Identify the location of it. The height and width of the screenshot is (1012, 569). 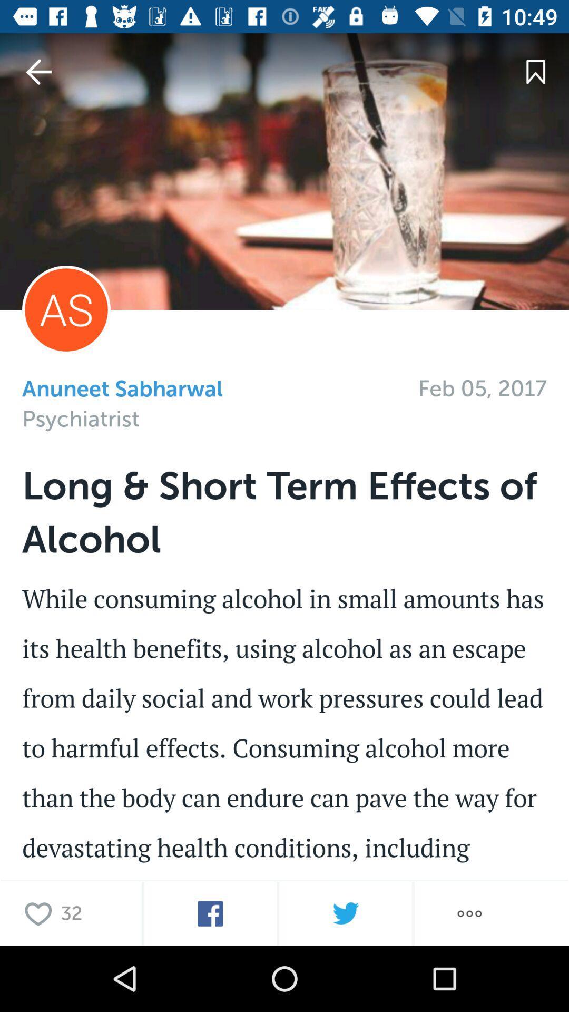
(41, 913).